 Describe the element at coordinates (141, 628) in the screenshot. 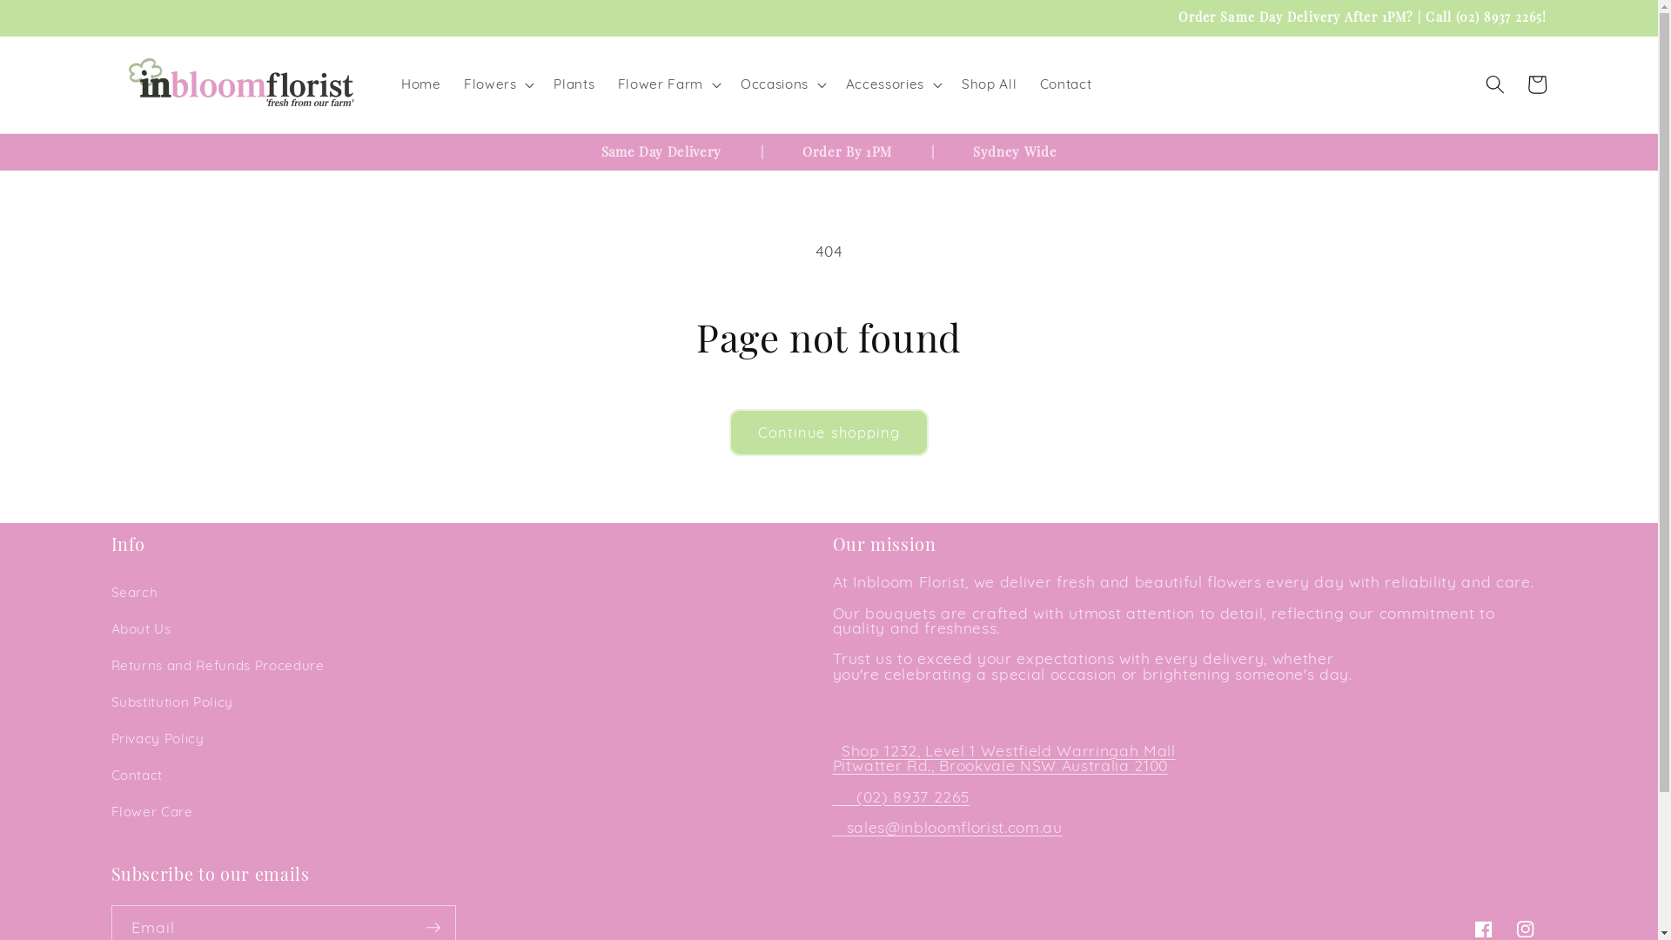

I see `'About Us'` at that location.